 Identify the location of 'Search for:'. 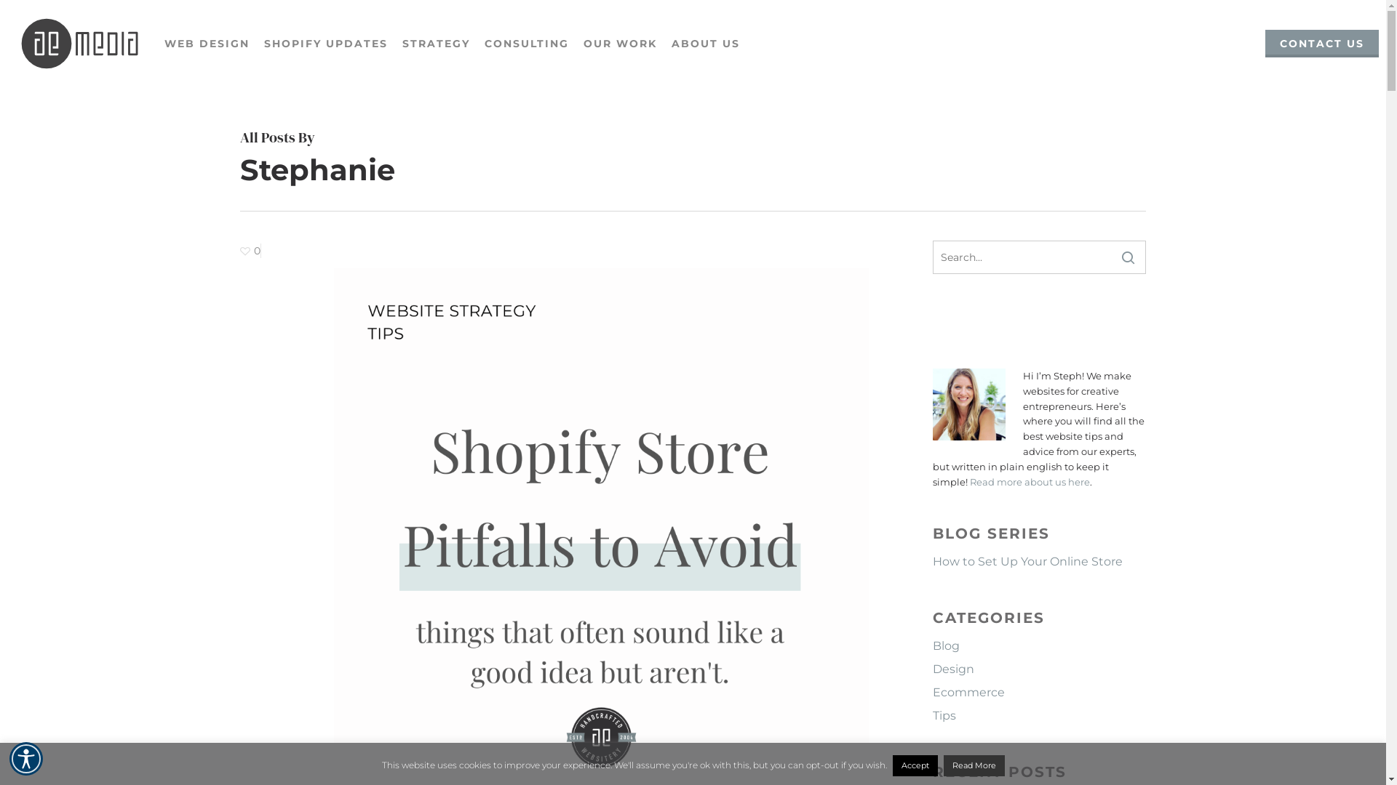
(1038, 257).